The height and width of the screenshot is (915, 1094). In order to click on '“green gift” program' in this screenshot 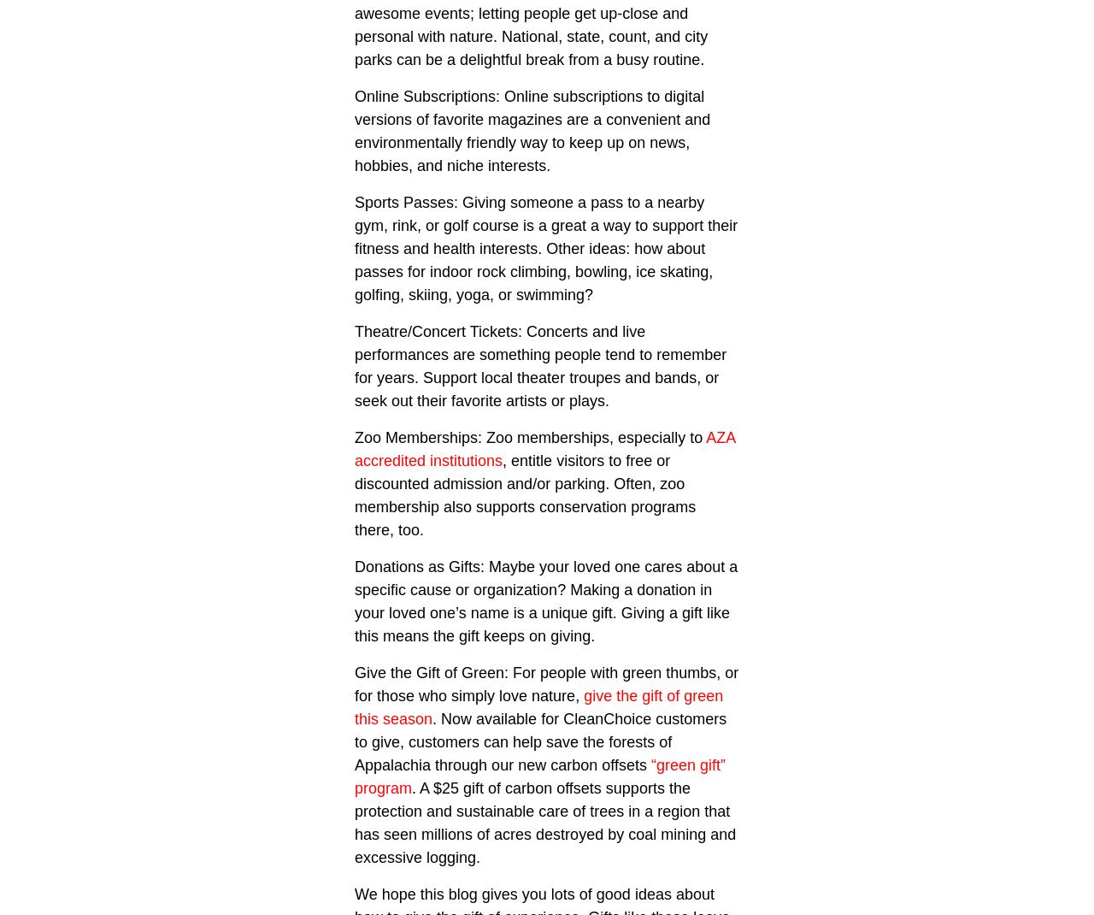, I will do `click(538, 776)`.